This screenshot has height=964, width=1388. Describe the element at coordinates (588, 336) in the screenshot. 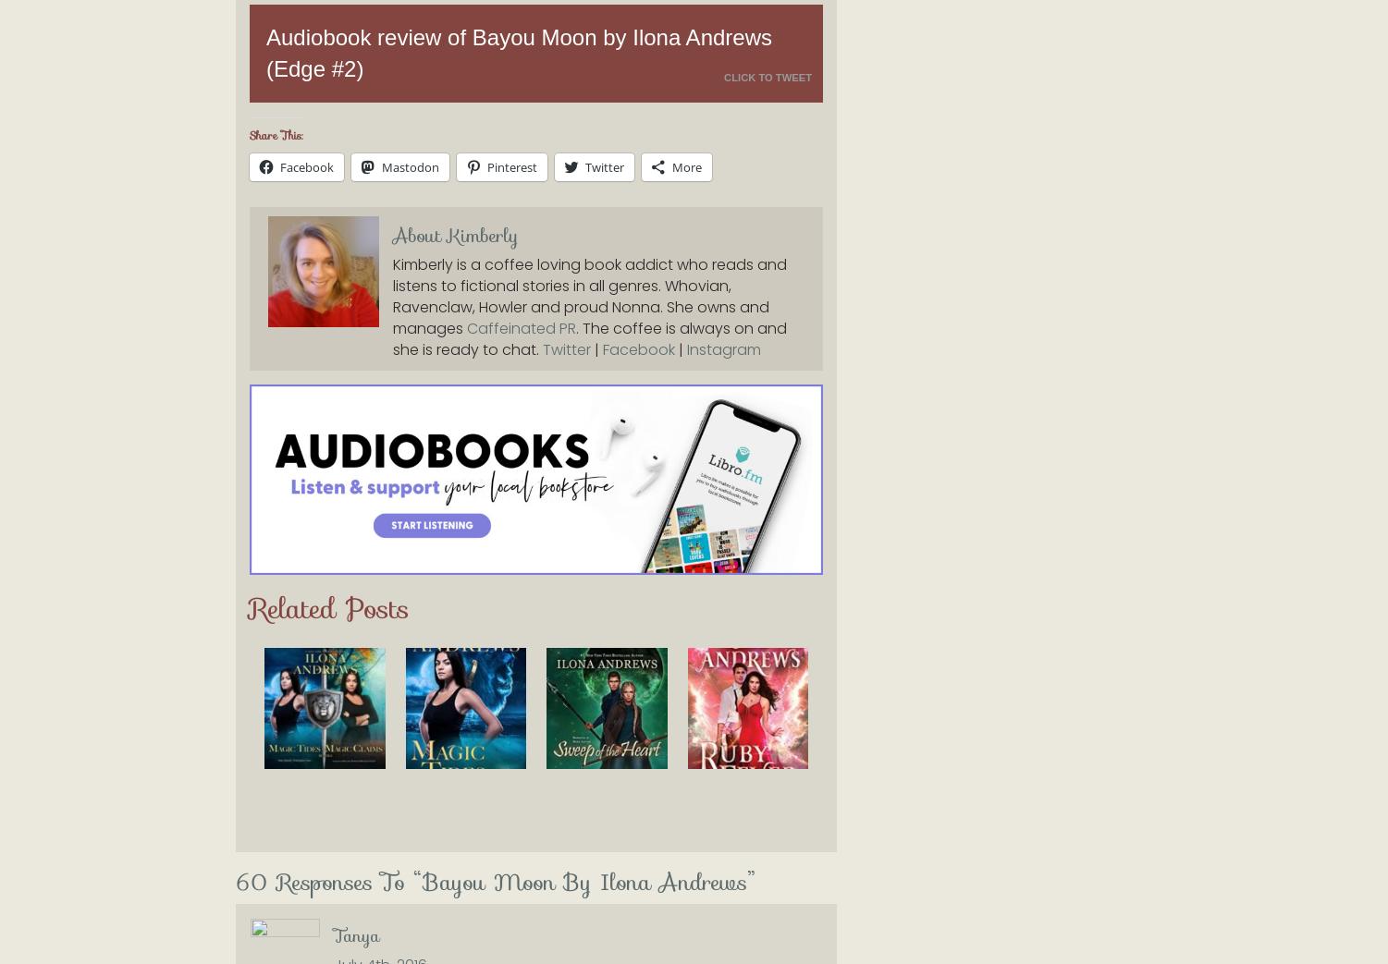

I see `'. The coffee is always on and she is ready to chat.'` at that location.